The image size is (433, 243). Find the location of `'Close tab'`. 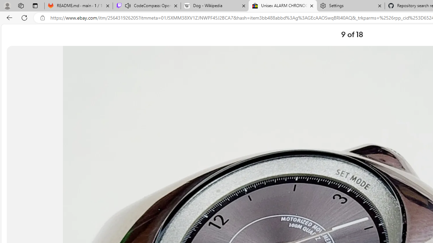

'Close tab' is located at coordinates (380, 6).